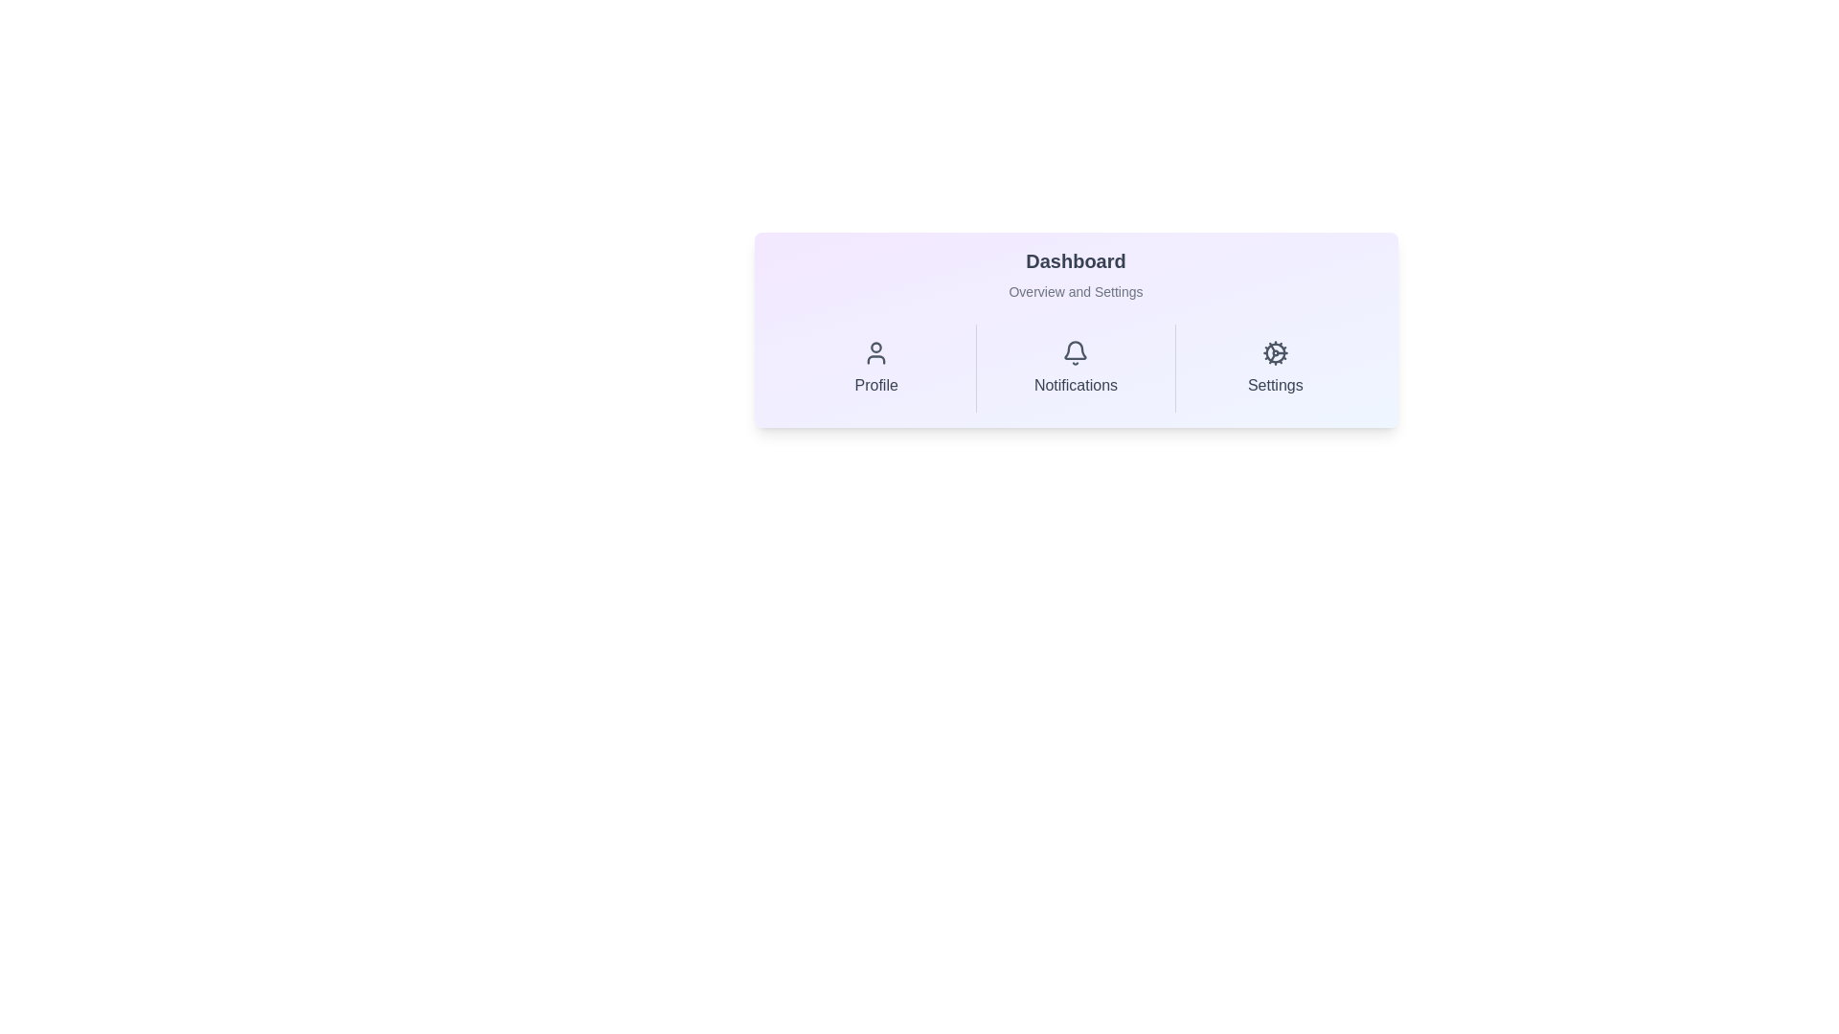 The image size is (1839, 1034). I want to click on the circular graphical element that resembles a user profile icon, located at the center of the first section of a horizontal menu bar, so click(875, 348).